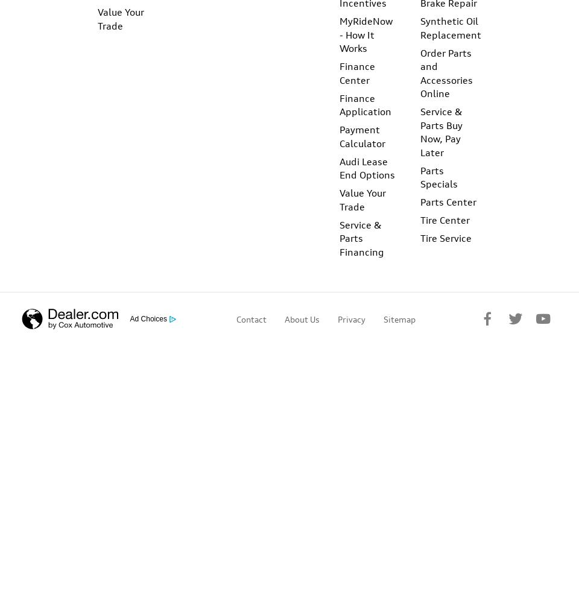 This screenshot has width=579, height=603. What do you see at coordinates (367, 168) in the screenshot?
I see `'Audi Lease End Options'` at bounding box center [367, 168].